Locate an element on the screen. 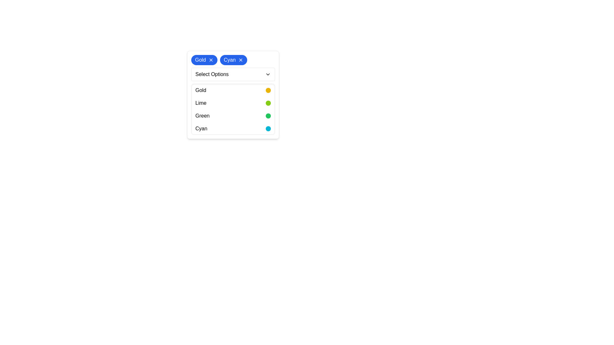 The width and height of the screenshot is (614, 345). the chevron icon located at the rightmost end of the 'Select Options' dropdown header is located at coordinates (268, 74).